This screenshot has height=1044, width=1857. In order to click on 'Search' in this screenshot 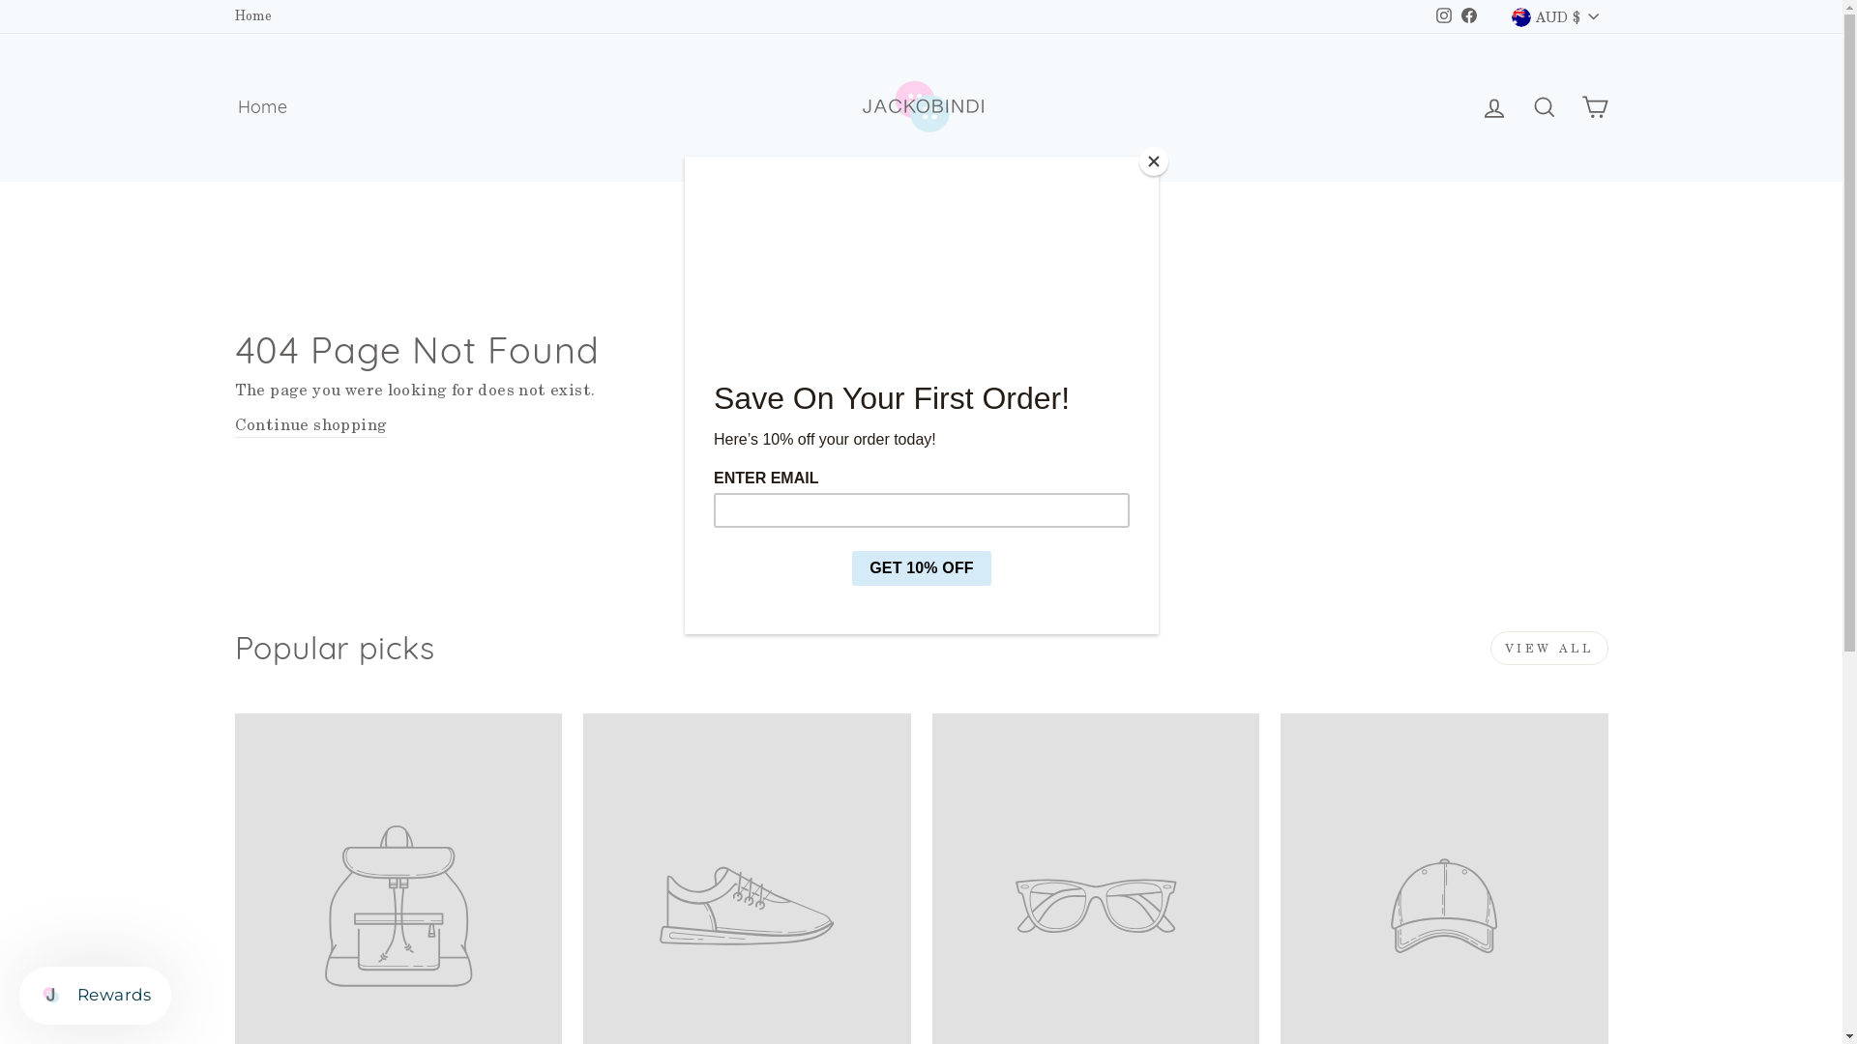, I will do `click(1517, 107)`.